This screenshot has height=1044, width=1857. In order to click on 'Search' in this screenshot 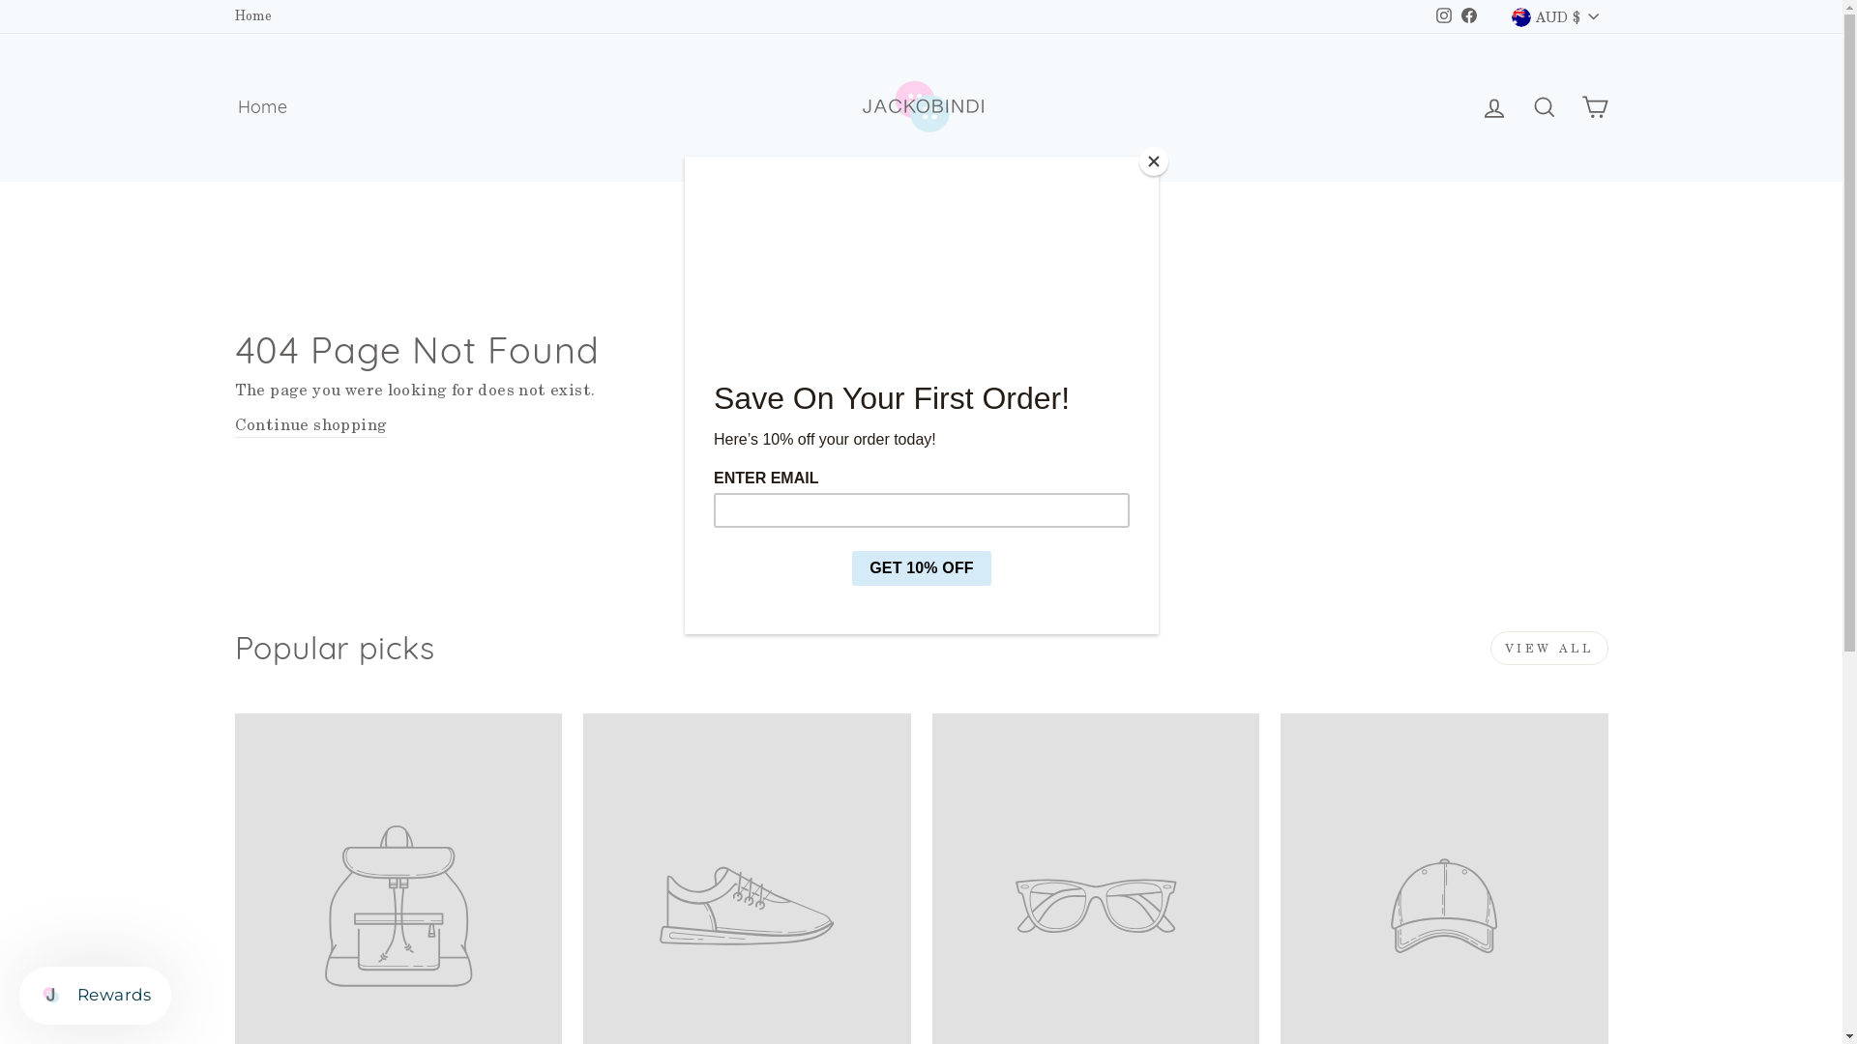, I will do `click(1517, 107)`.